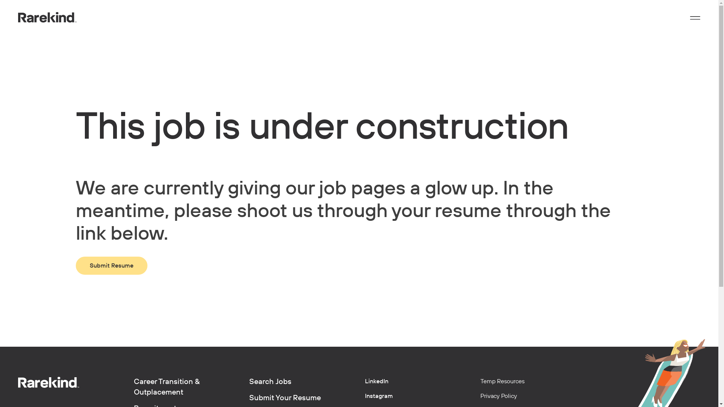 The image size is (724, 407). What do you see at coordinates (133, 390) in the screenshot?
I see `'Career Transition & Outplacement'` at bounding box center [133, 390].